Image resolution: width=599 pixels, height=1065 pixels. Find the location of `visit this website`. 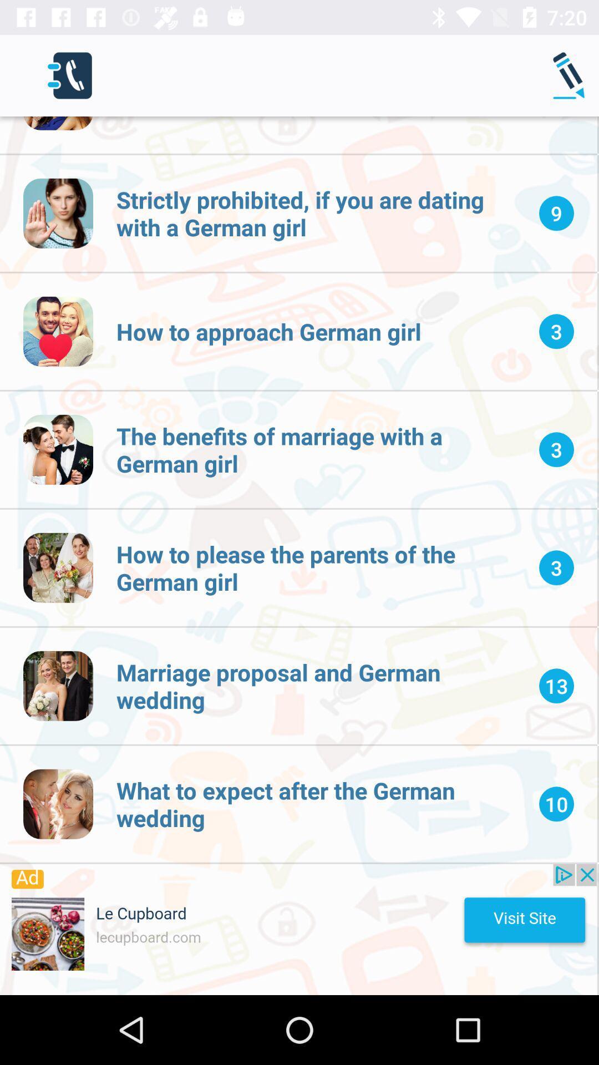

visit this website is located at coordinates (298, 929).